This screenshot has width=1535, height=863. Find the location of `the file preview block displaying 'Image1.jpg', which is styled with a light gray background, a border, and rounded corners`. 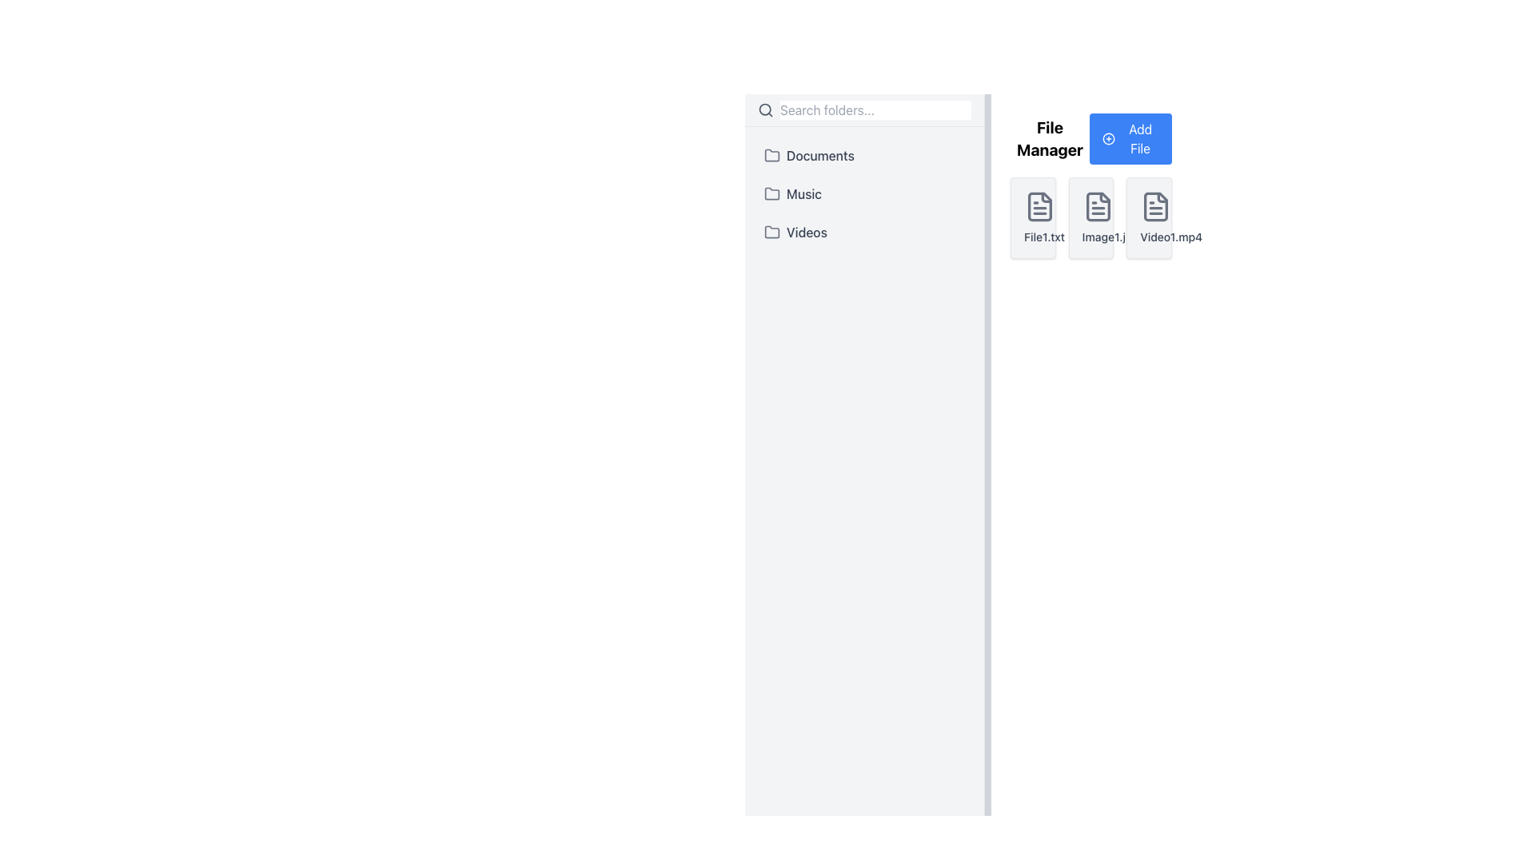

the file preview block displaying 'Image1.jpg', which is styled with a light gray background, a border, and rounded corners is located at coordinates (1090, 218).